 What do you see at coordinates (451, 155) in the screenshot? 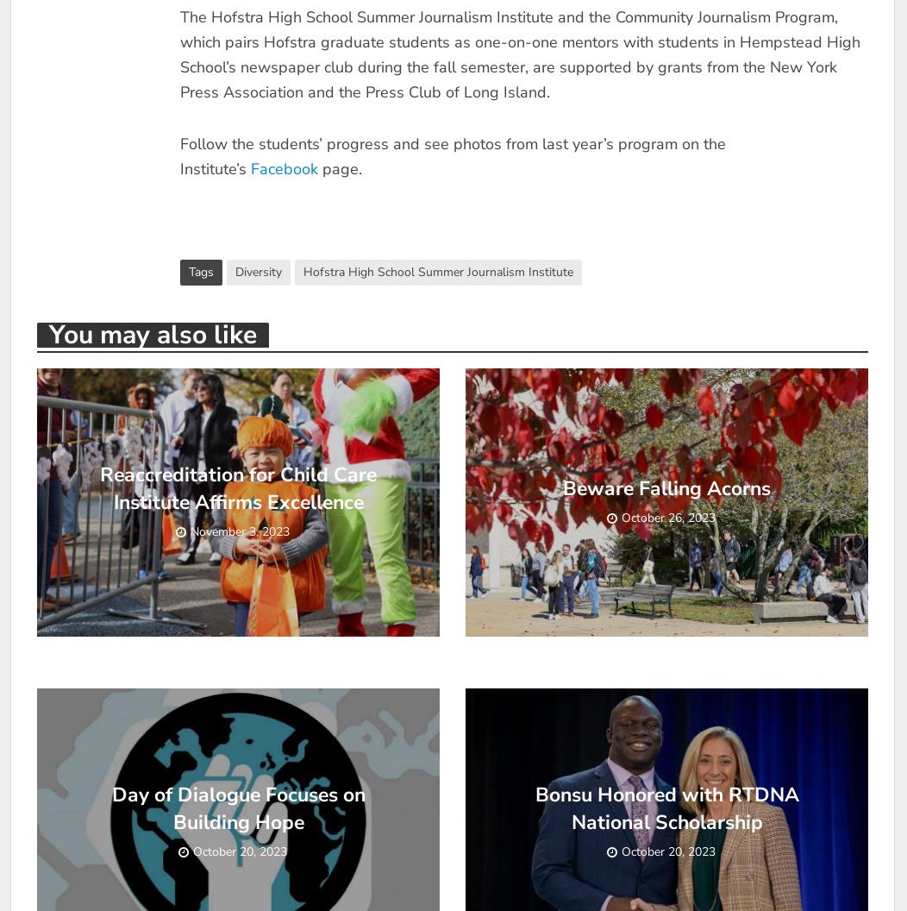
I see `'Follow the students’ progress and see photos from last year’s program on the Institute’s'` at bounding box center [451, 155].